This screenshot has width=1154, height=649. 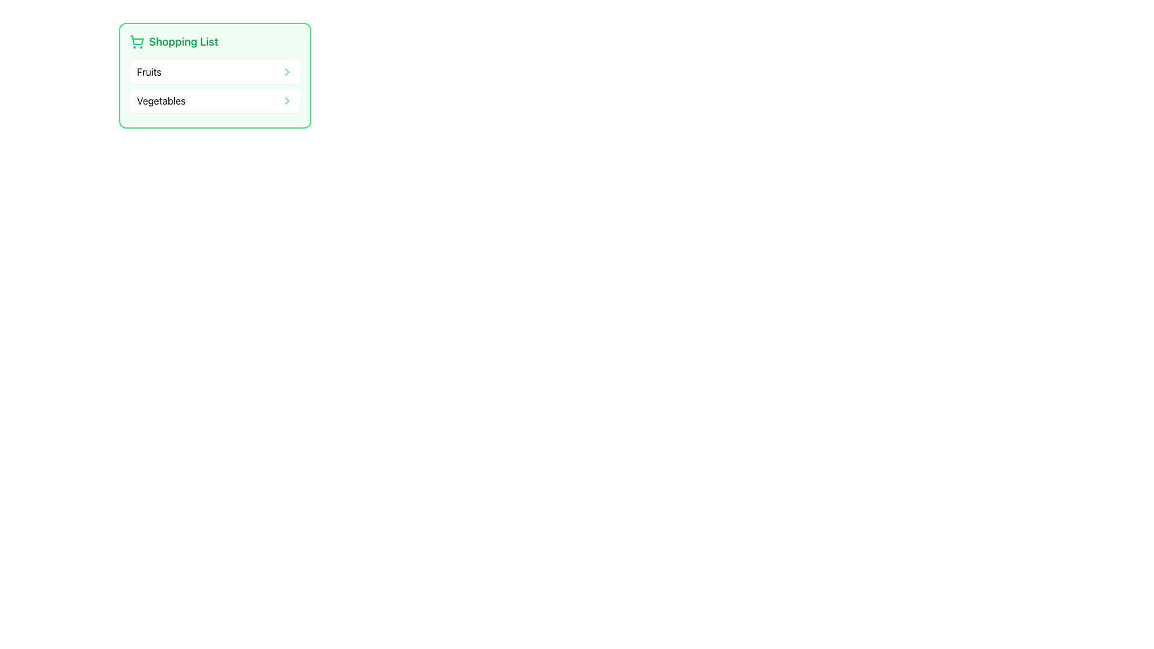 I want to click on the first item in the 'Shopping List' navigation menu, so click(x=215, y=76).